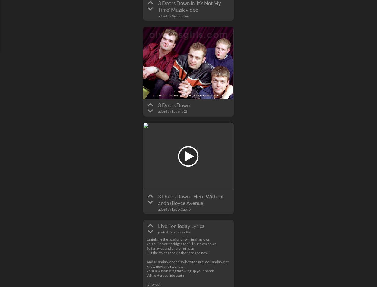  I want to click on 'kathiria82', so click(179, 111).